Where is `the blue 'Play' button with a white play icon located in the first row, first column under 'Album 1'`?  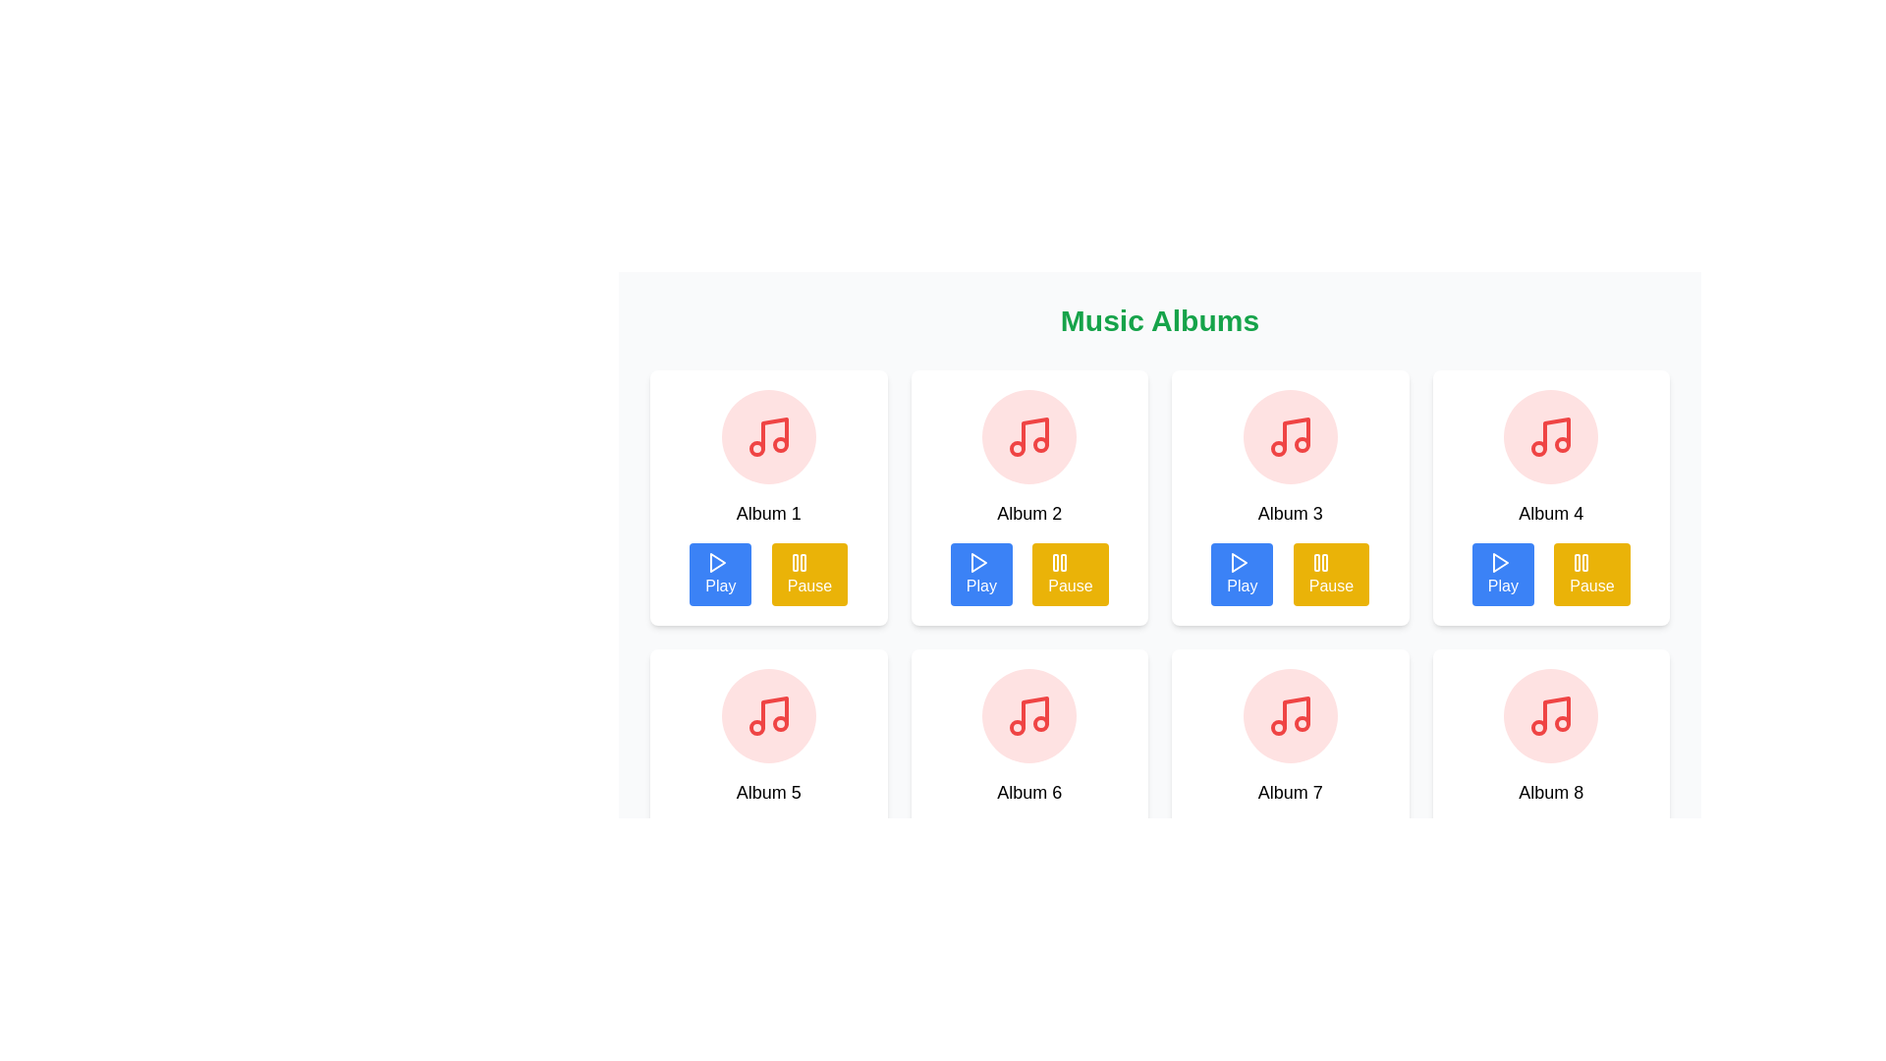
the blue 'Play' button with a white play icon located in the first row, first column under 'Album 1' is located at coordinates (719, 575).